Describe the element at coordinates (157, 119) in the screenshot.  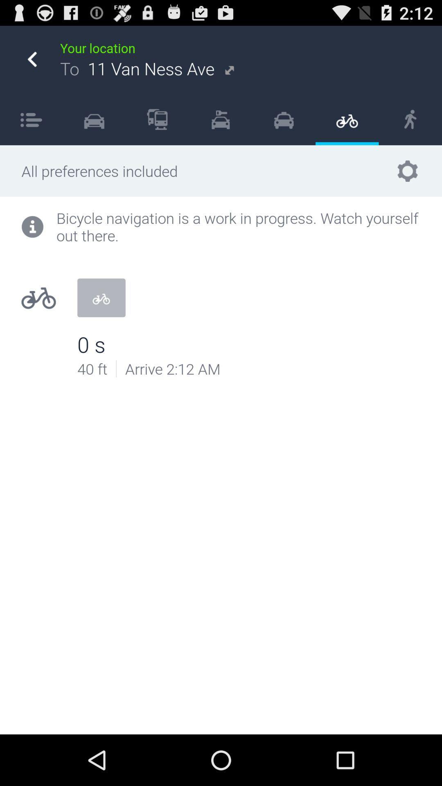
I see `icon` at that location.